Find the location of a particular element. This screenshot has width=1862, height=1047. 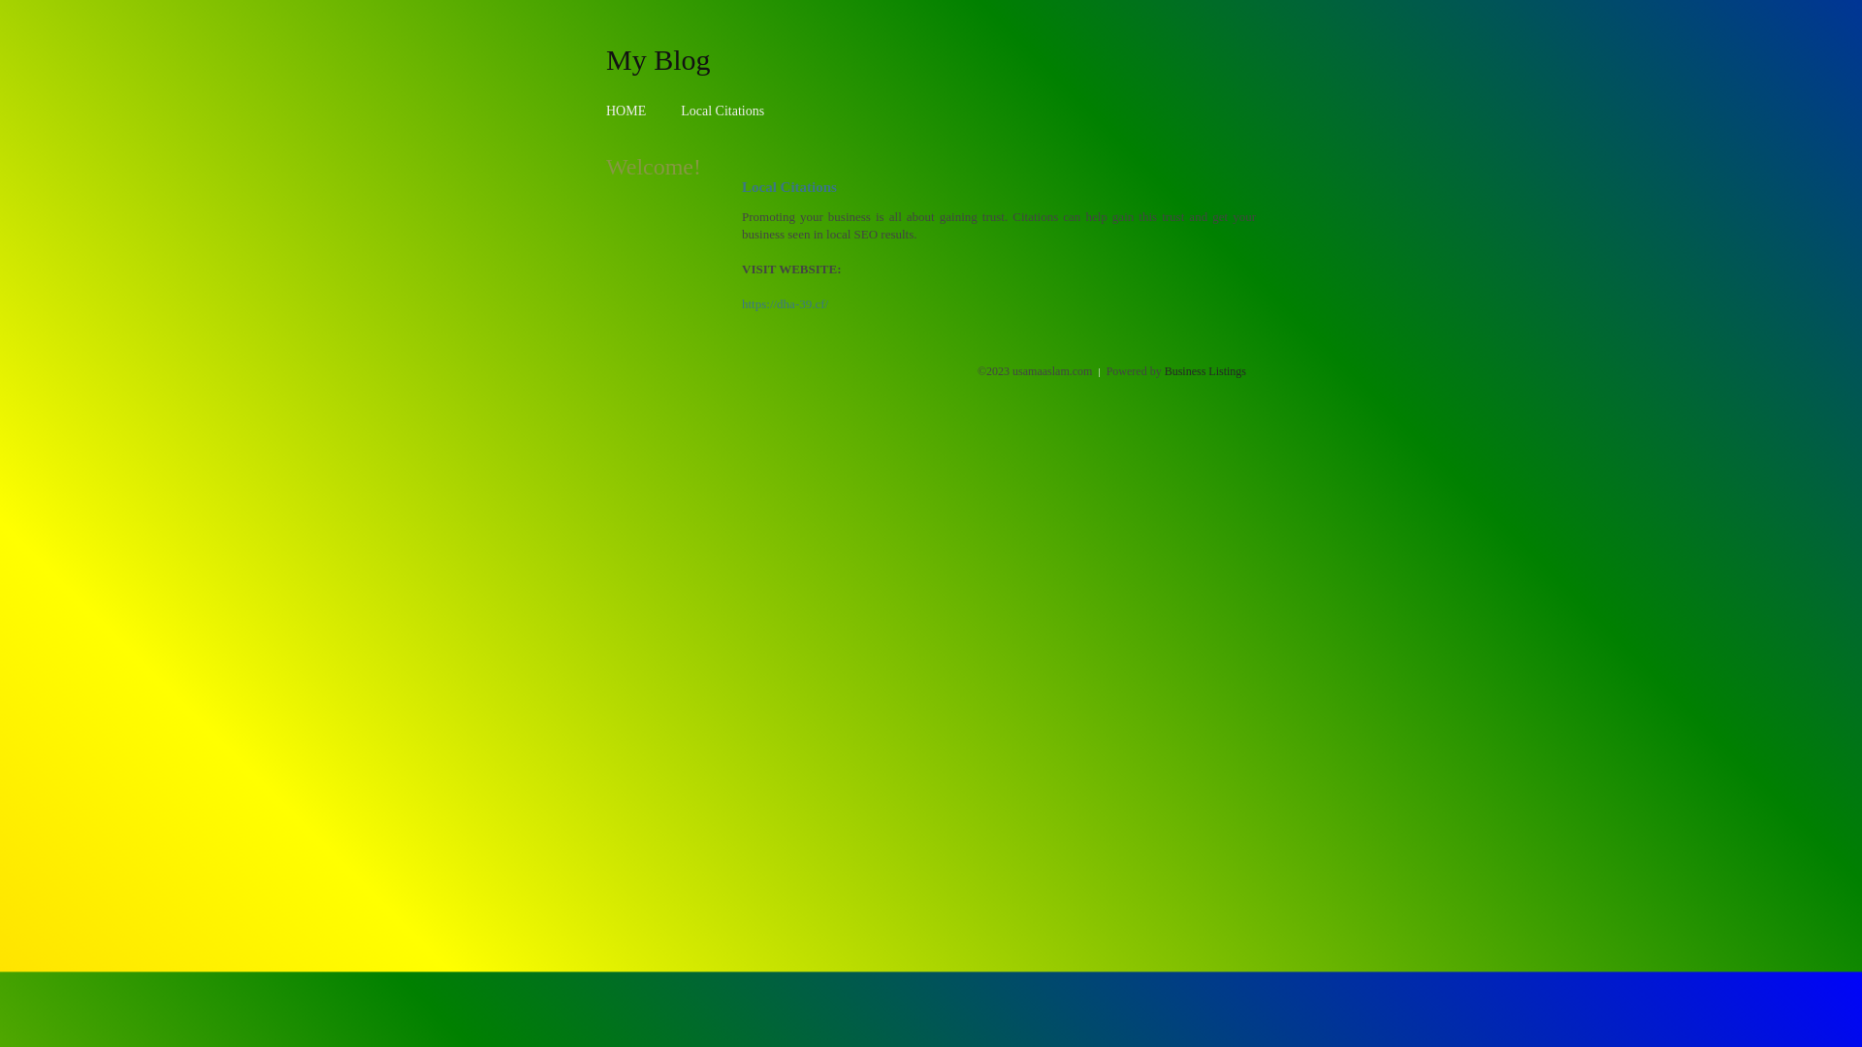

'Local Citations' is located at coordinates (721, 111).